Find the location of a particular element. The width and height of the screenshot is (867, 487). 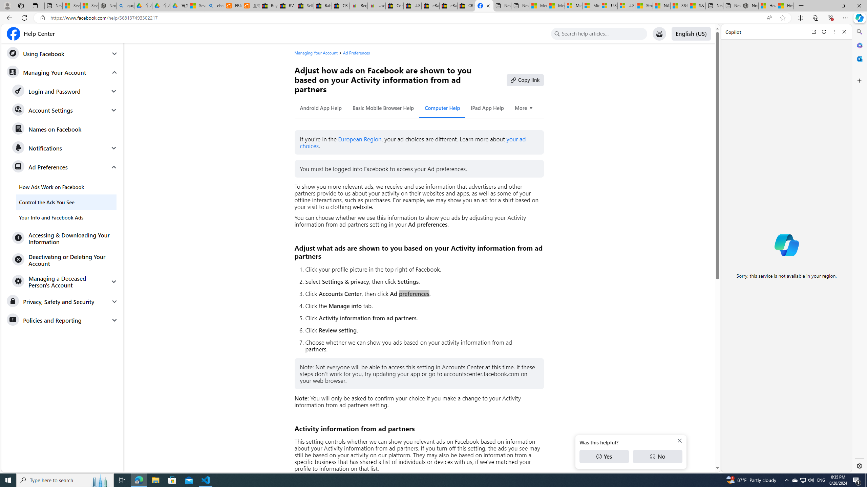

'Buy Auto Parts & Accessories | eBay' is located at coordinates (268, 5).